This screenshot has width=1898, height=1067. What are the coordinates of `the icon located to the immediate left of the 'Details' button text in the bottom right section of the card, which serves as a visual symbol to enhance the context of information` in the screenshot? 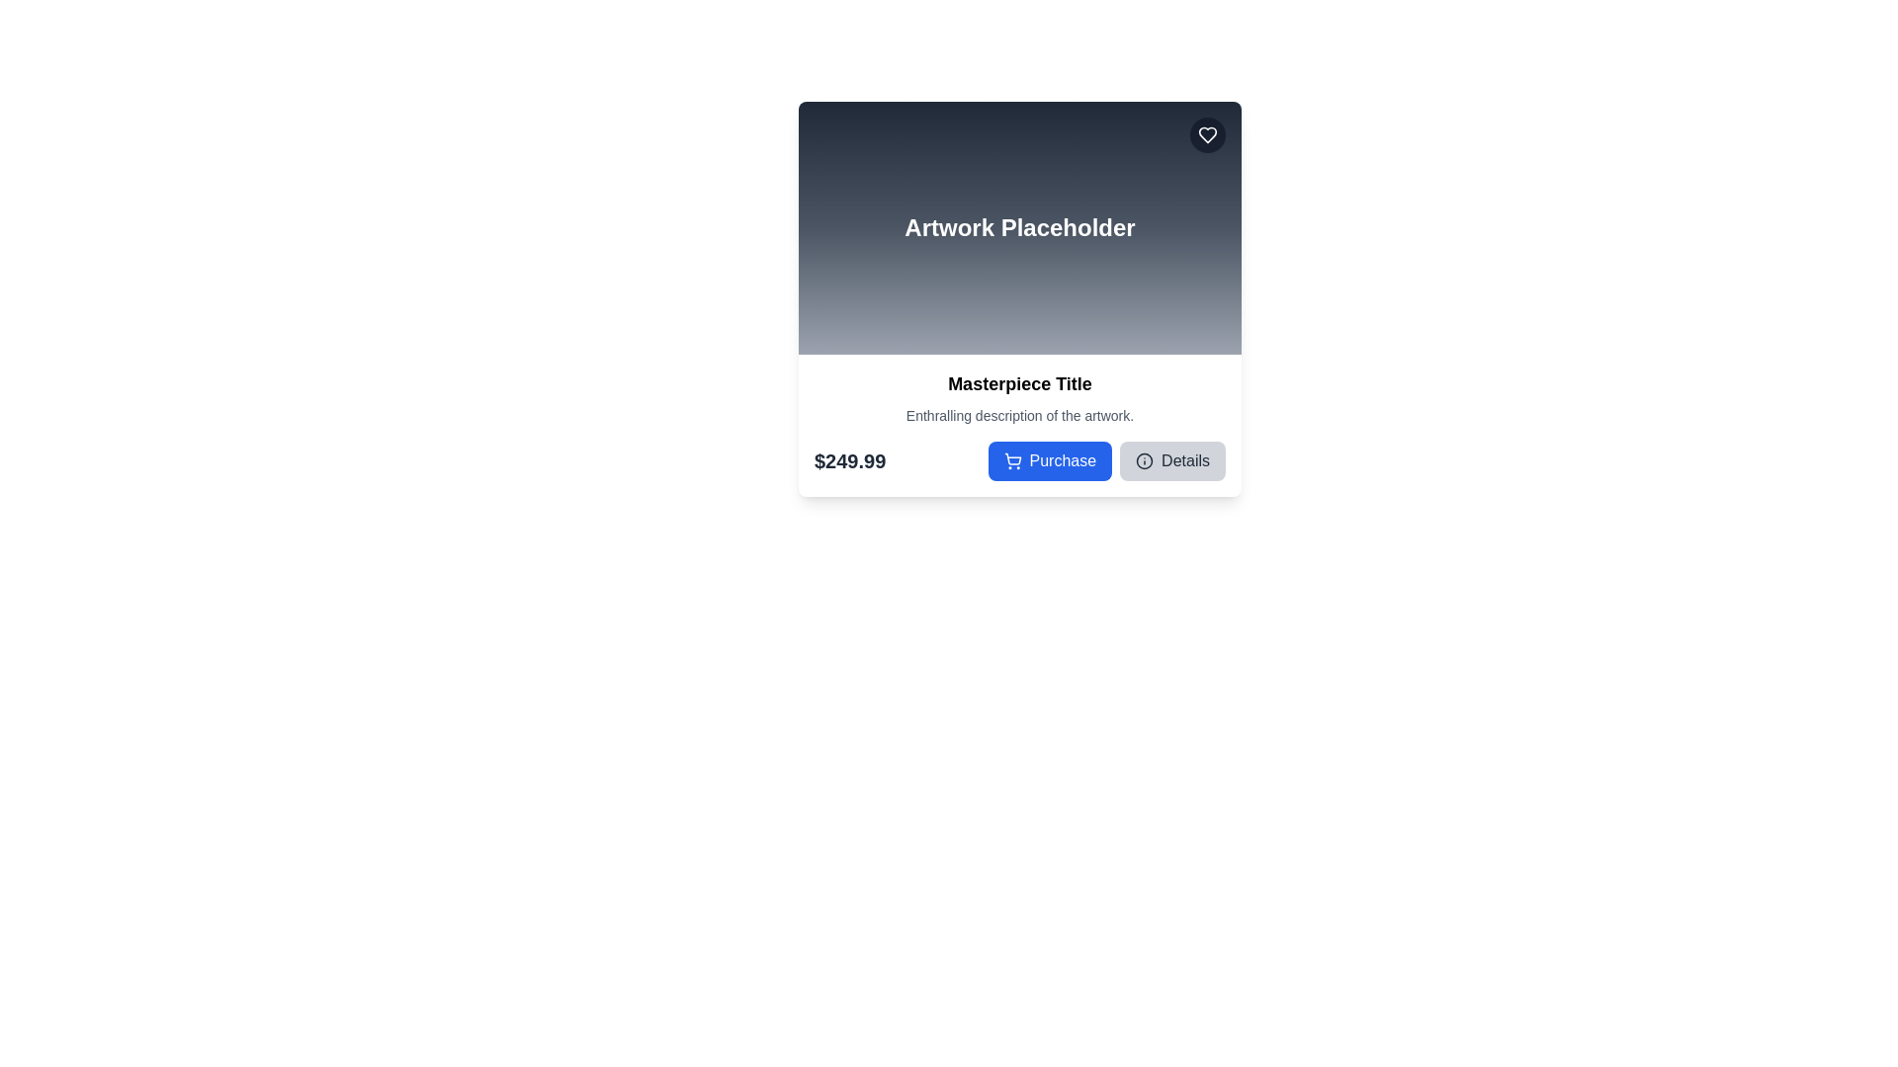 It's located at (1145, 460).